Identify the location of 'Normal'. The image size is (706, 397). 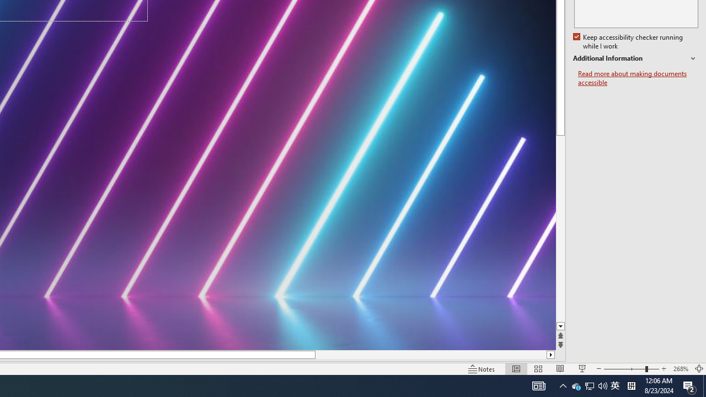
(516, 369).